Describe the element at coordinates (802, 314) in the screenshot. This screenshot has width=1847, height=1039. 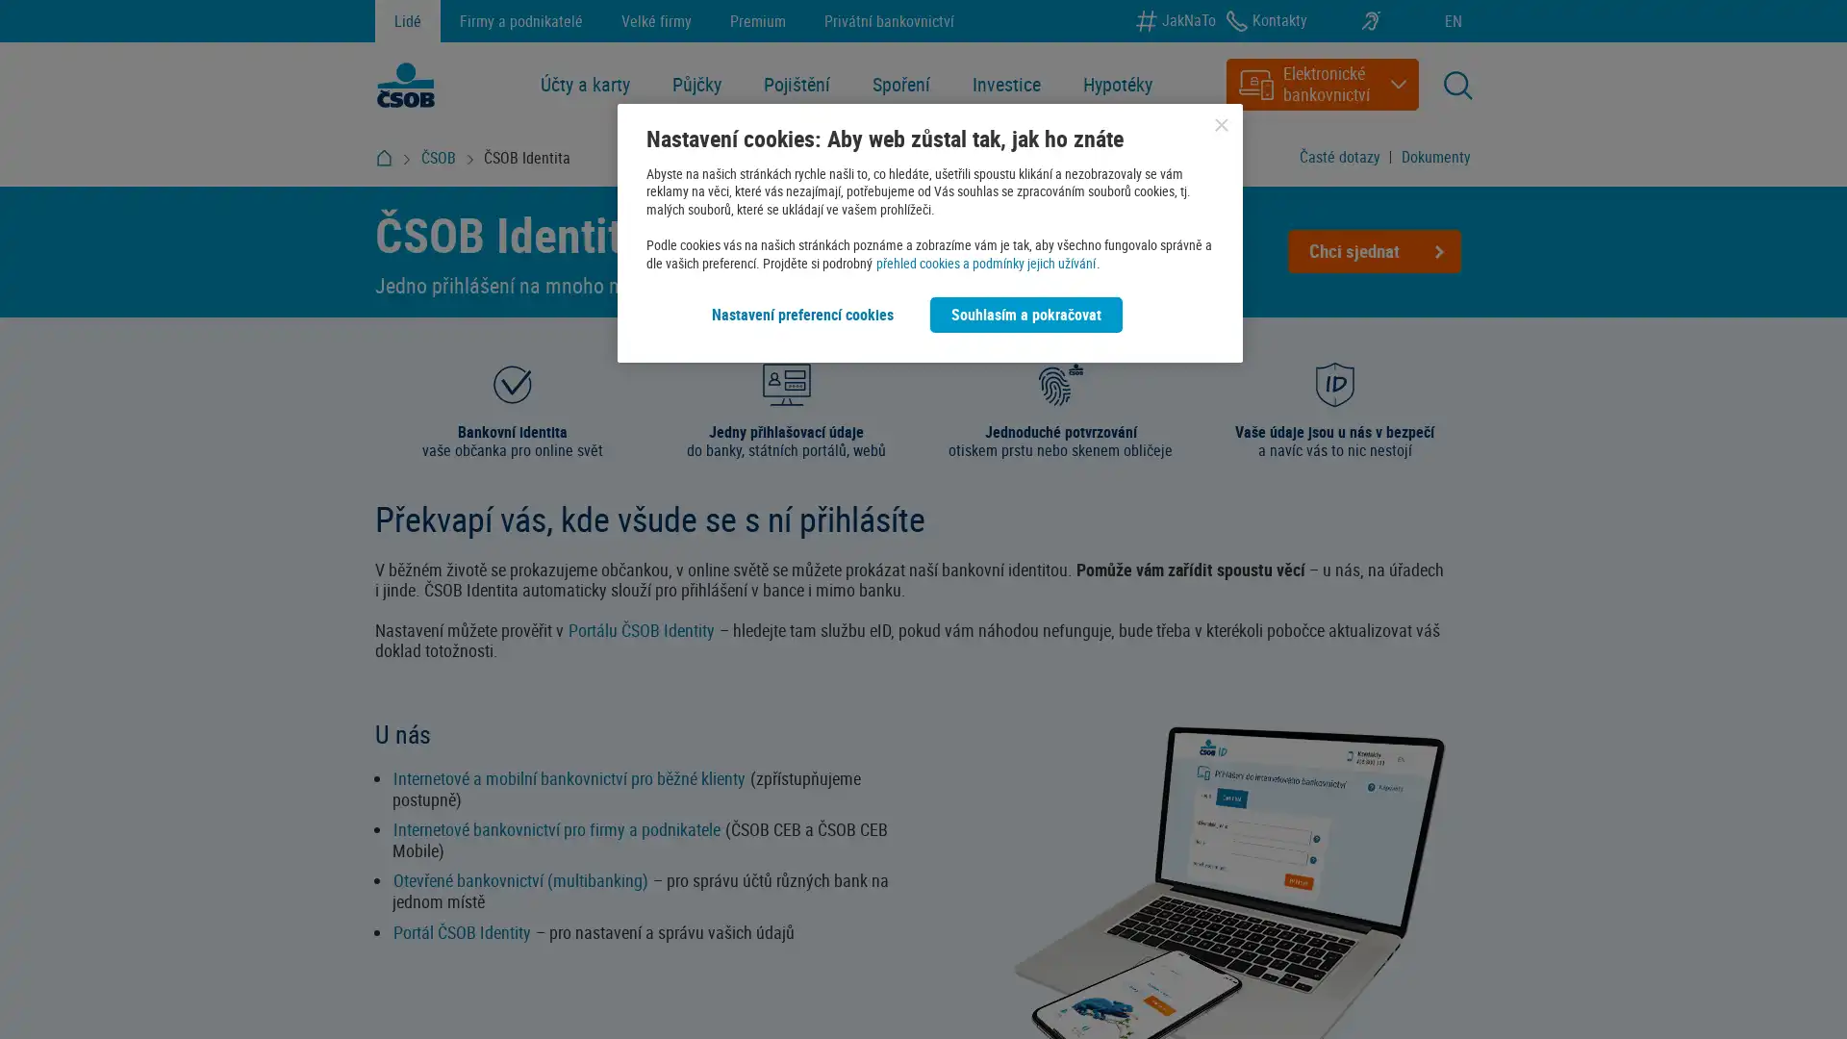
I see `Nastaveni preferenci cookies` at that location.